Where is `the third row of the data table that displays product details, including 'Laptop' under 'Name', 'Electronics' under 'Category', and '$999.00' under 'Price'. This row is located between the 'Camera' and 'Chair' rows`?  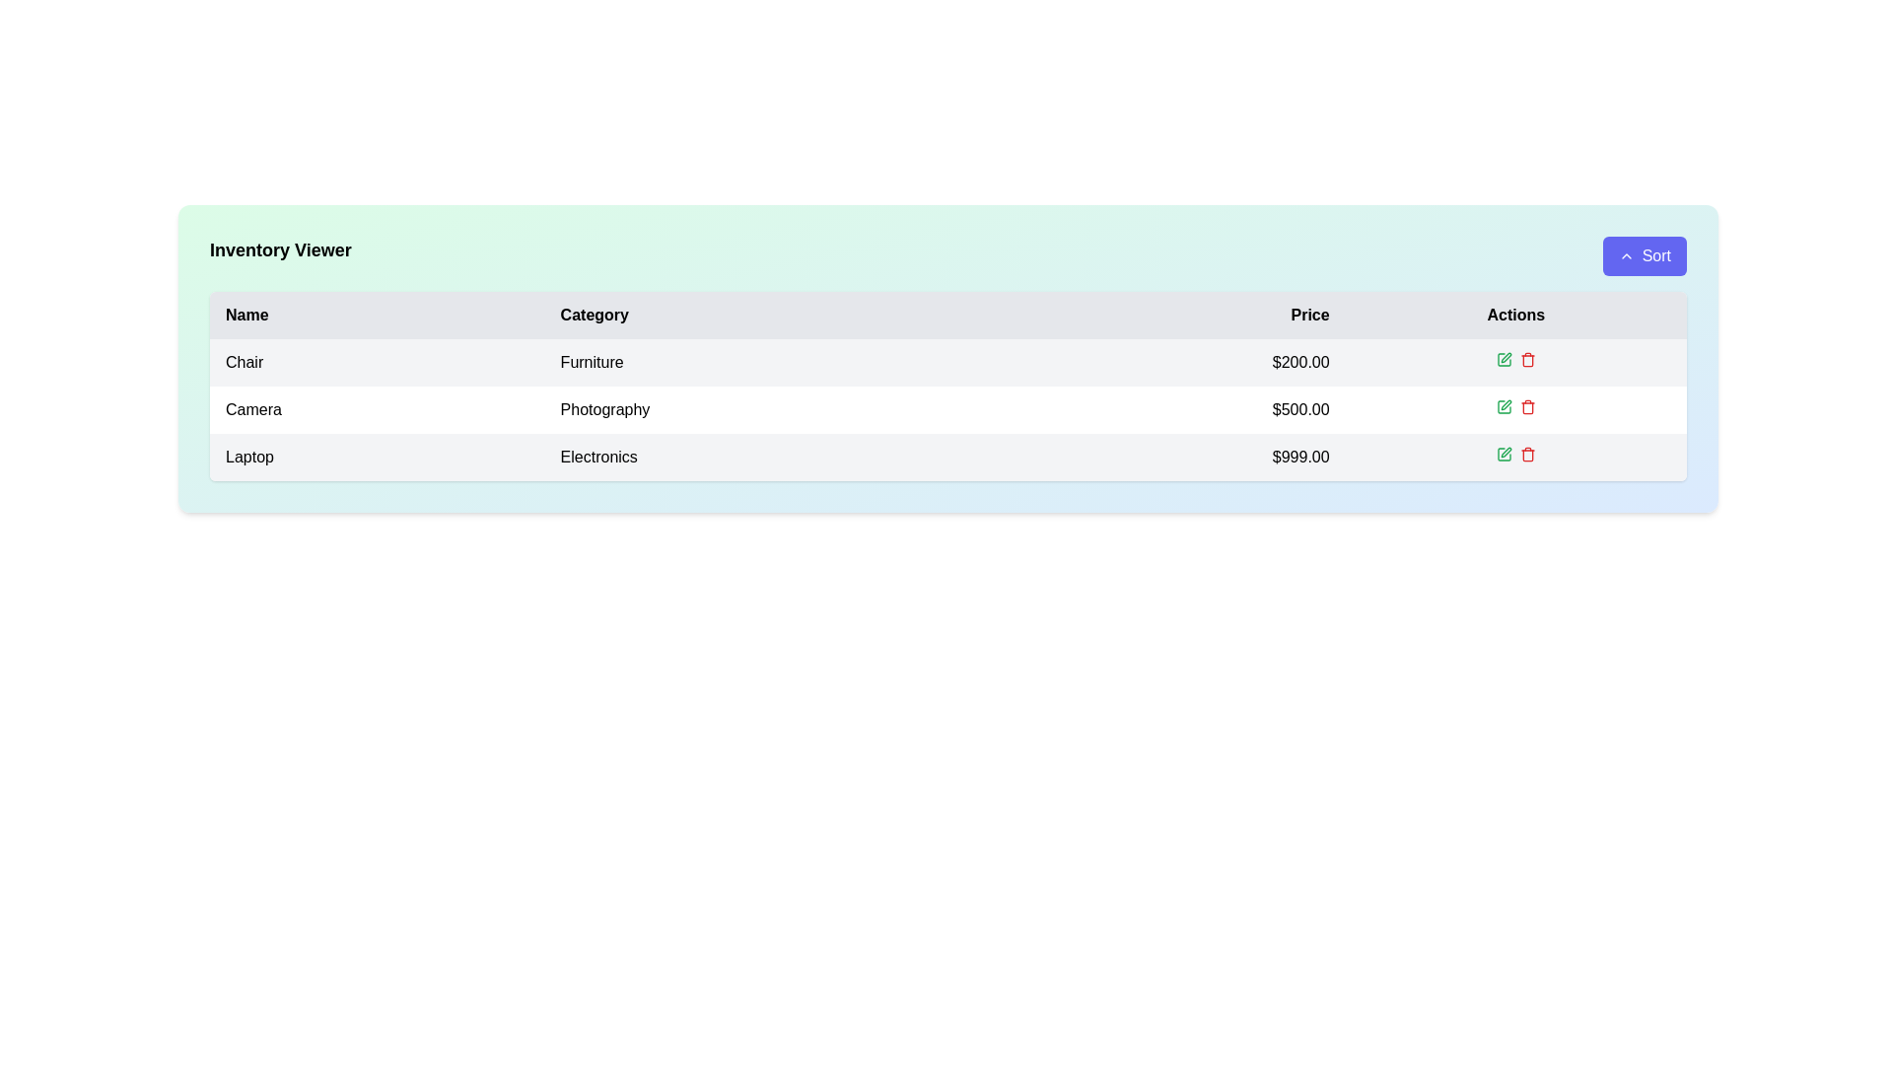 the third row of the data table that displays product details, including 'Laptop' under 'Name', 'Electronics' under 'Category', and '$999.00' under 'Price'. This row is located between the 'Camera' and 'Chair' rows is located at coordinates (947, 457).